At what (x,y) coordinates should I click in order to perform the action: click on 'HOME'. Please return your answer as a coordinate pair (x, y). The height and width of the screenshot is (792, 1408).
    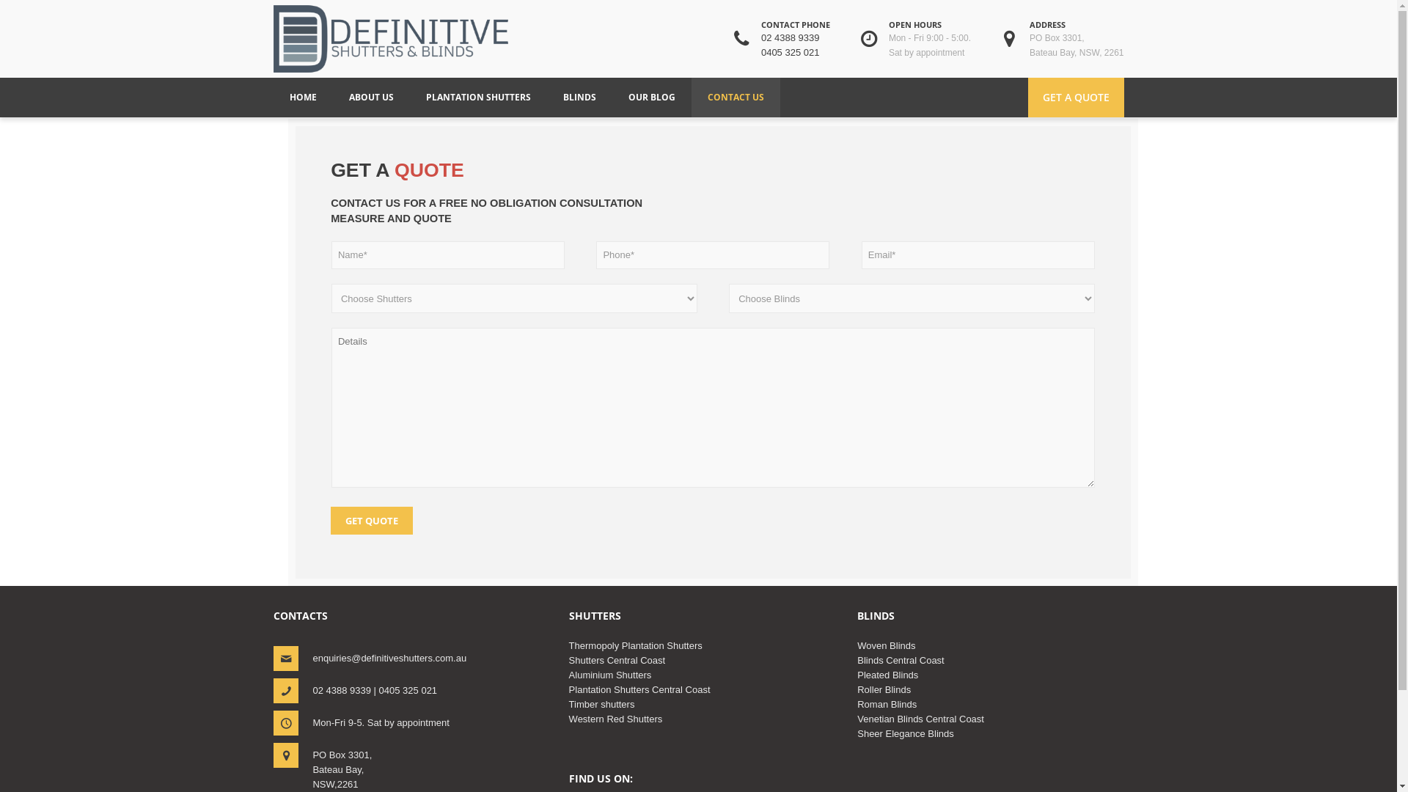
    Looking at the image, I should click on (301, 97).